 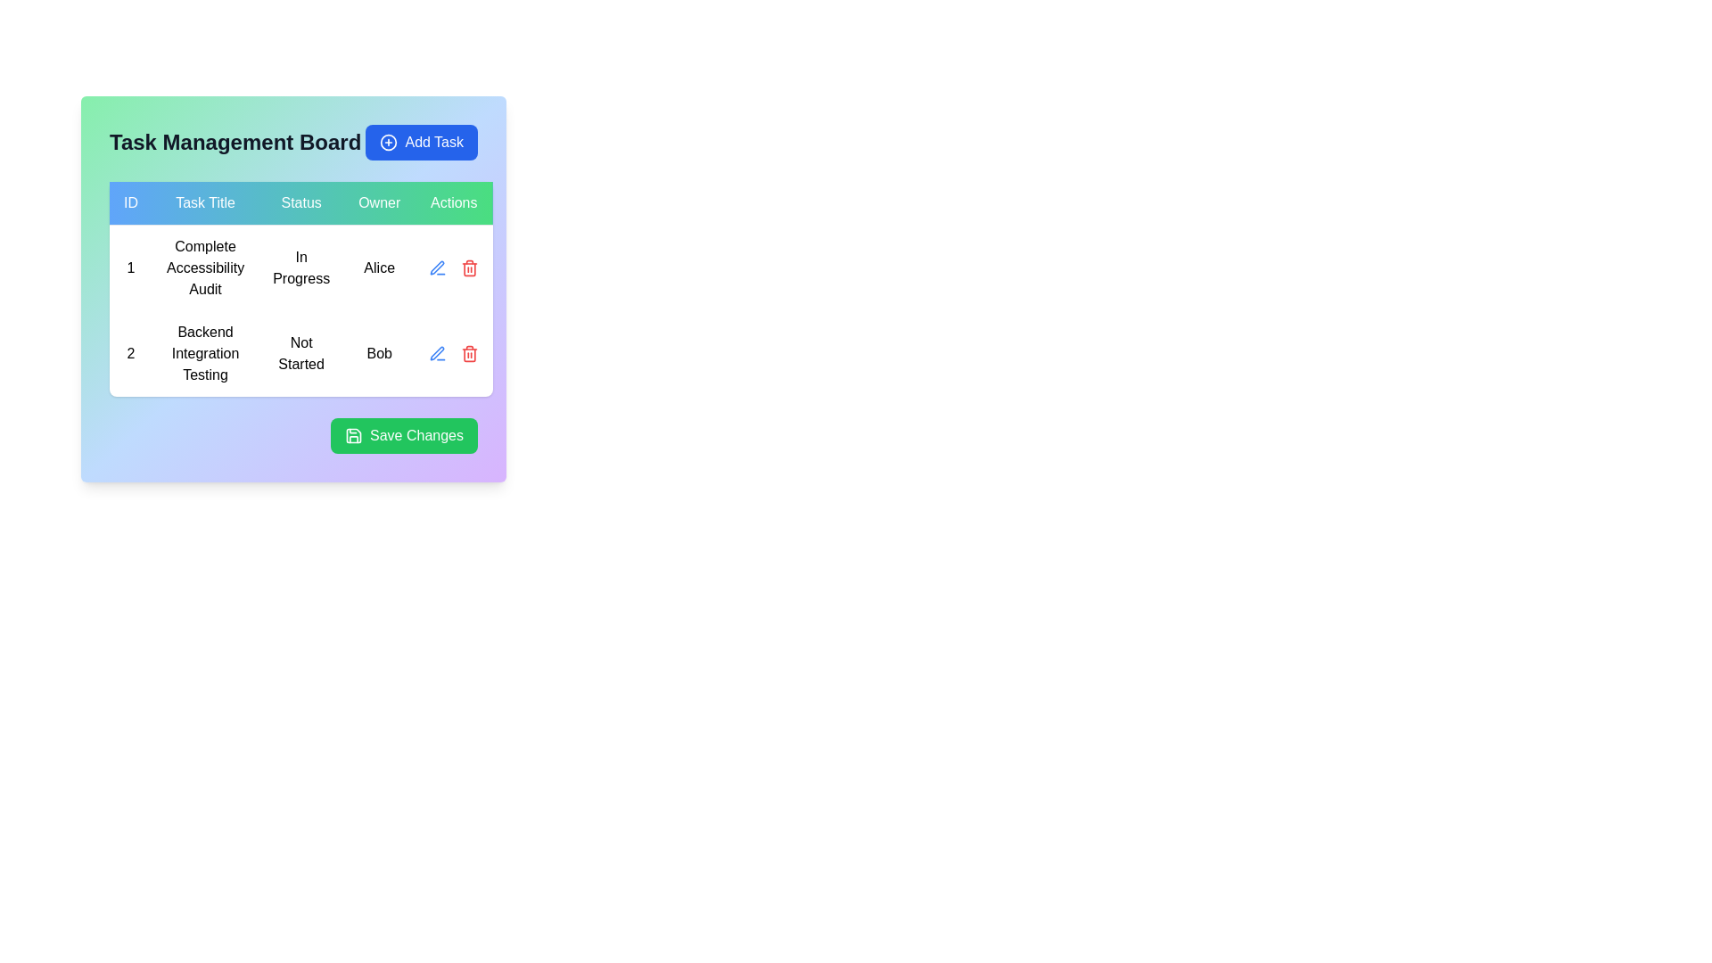 I want to click on the text label reading 'Complete Accessibility Audit' located in the 'Task Title' column of the first row in the 'Task Management Board' table, so click(x=205, y=267).